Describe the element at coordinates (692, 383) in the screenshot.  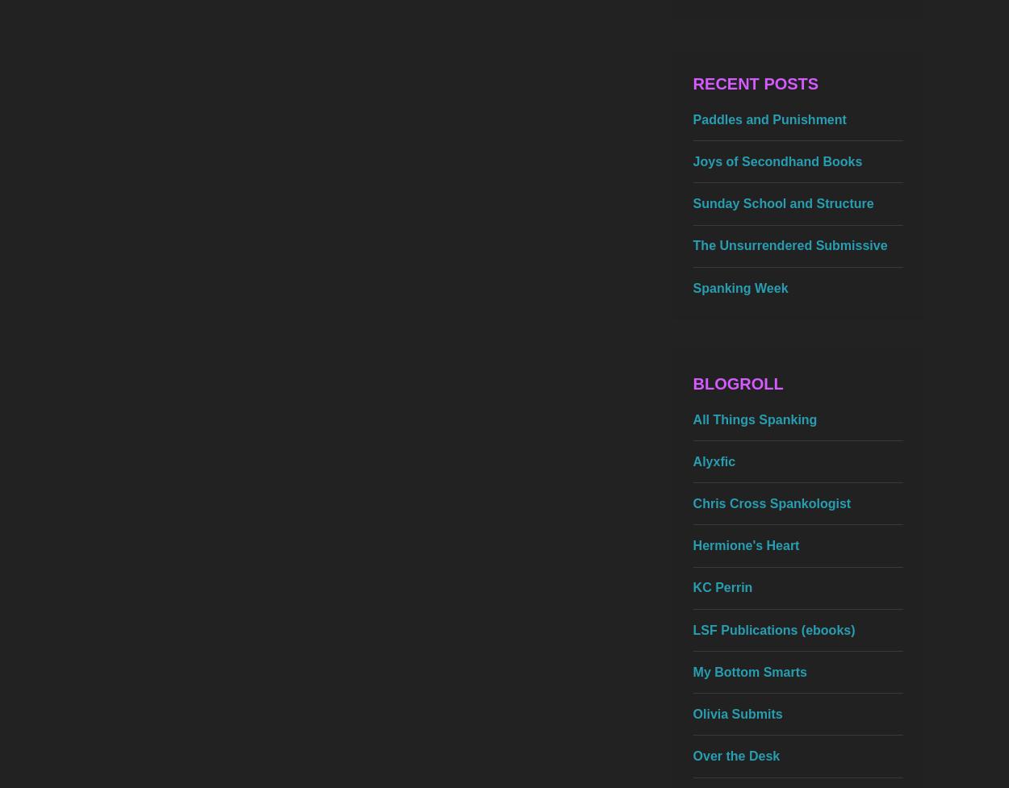
I see `'Blogroll'` at that location.